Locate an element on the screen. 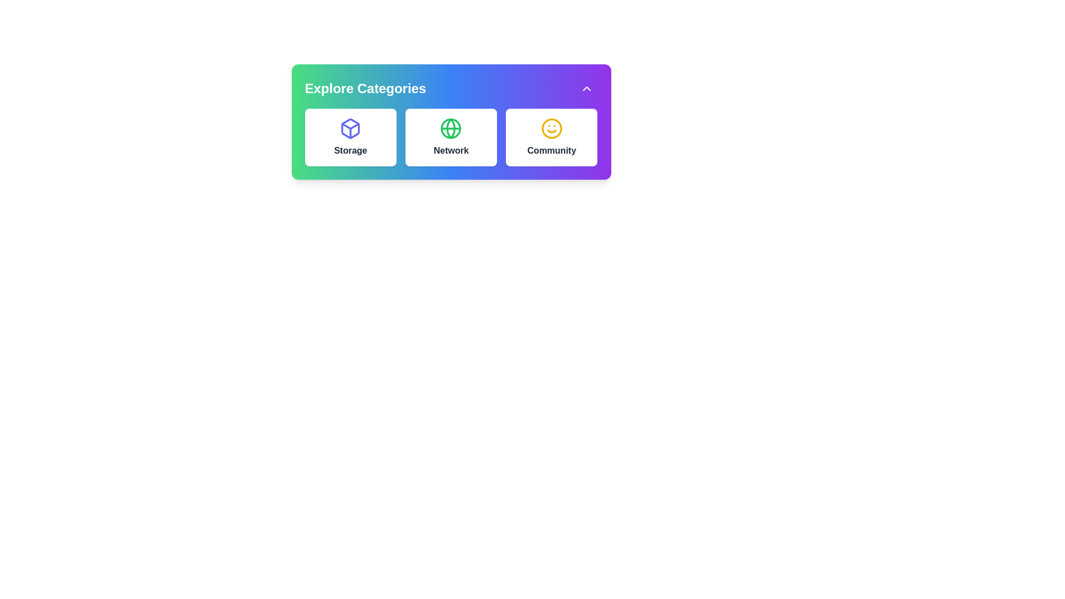 This screenshot has height=599, width=1065. the Interactive category card in the center column of the three-column layout under 'Explore Categories' is located at coordinates (451, 136).